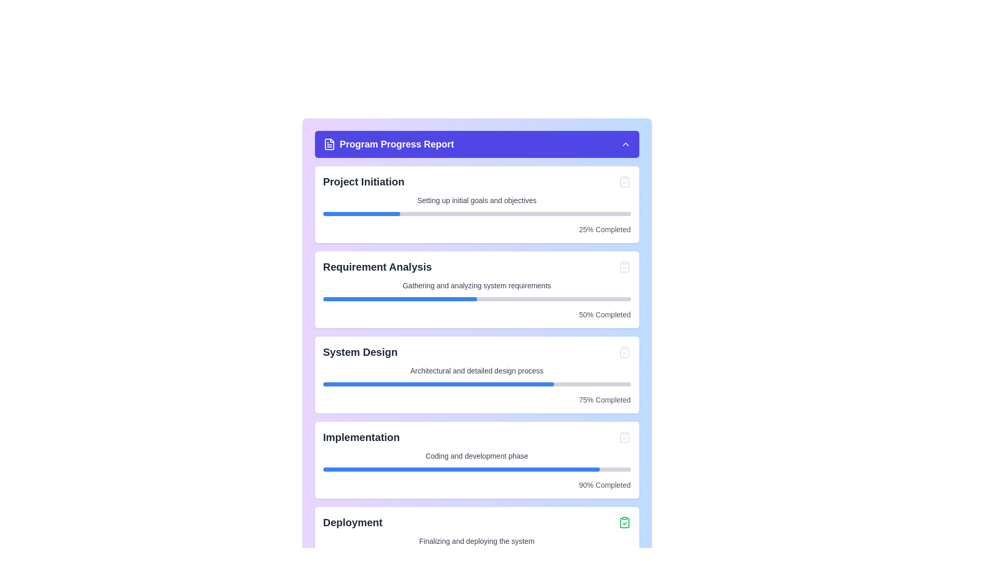  Describe the element at coordinates (377, 266) in the screenshot. I see `the 'Requirement Analysis' title text label, which serves as a section header in the progress report interface` at that location.